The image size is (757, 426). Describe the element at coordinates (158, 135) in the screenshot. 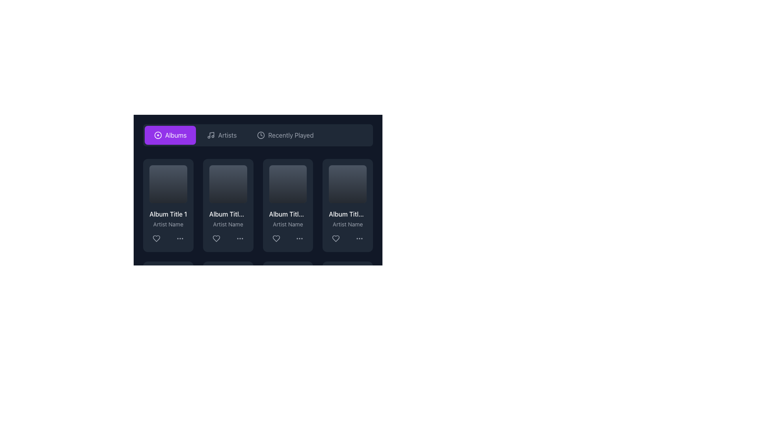

I see `the circular icon representing the 'Albums' button, located at the top-left corner of the navigation area` at that location.